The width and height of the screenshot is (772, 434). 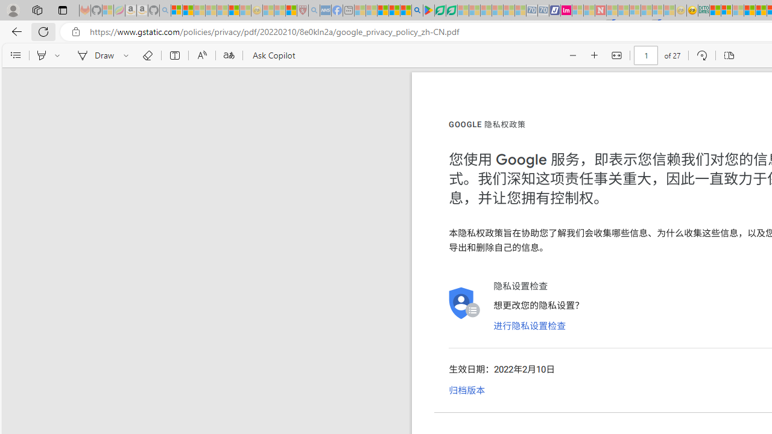 What do you see at coordinates (572, 55) in the screenshot?
I see `'Zoom out (Ctrl+Minus key)'` at bounding box center [572, 55].